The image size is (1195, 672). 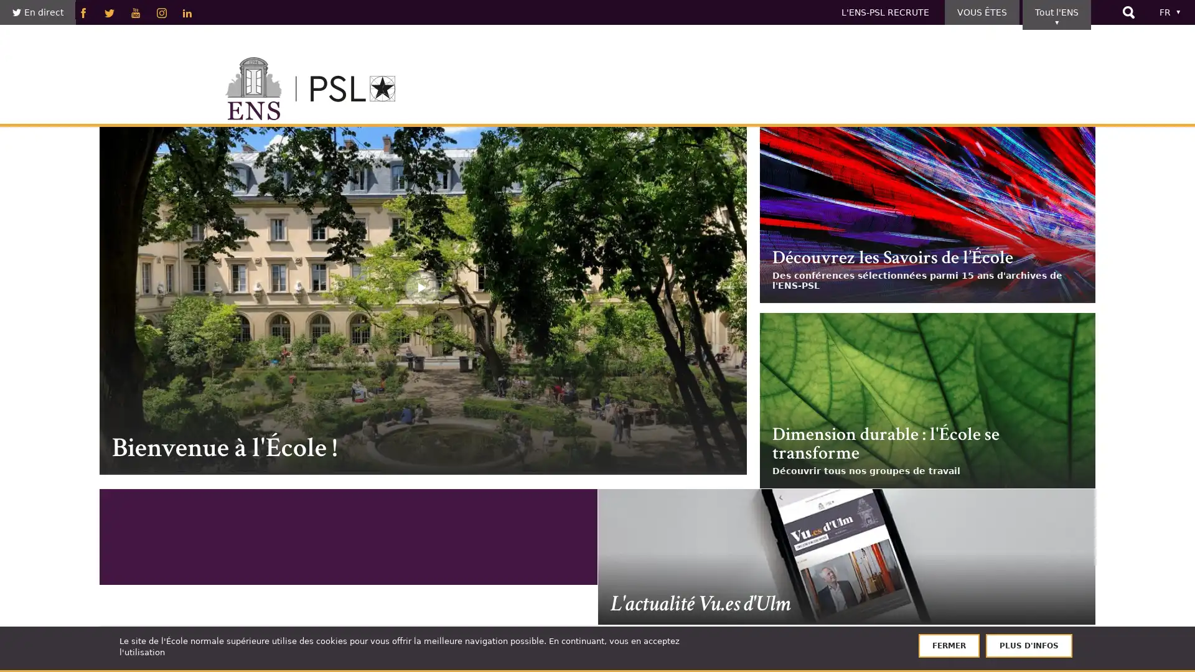 I want to click on PLUS D'INFOS, so click(x=1029, y=645).